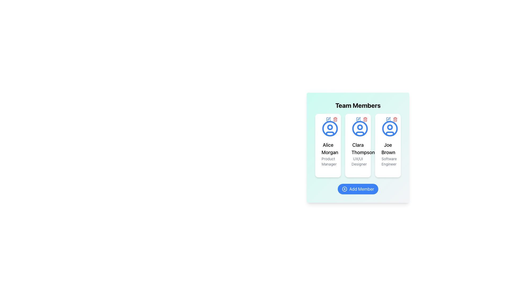 This screenshot has width=509, height=286. I want to click on the pen-shaped SVG icon located in the upper-right corner of the second user card, so click(359, 118).